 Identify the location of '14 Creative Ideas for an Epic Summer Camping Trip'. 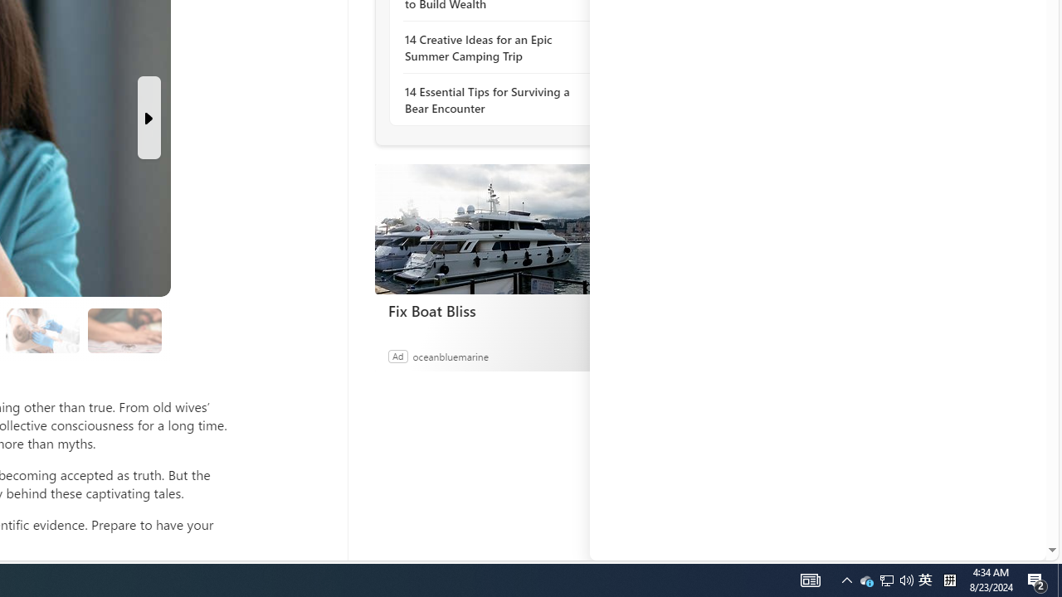
(494, 46).